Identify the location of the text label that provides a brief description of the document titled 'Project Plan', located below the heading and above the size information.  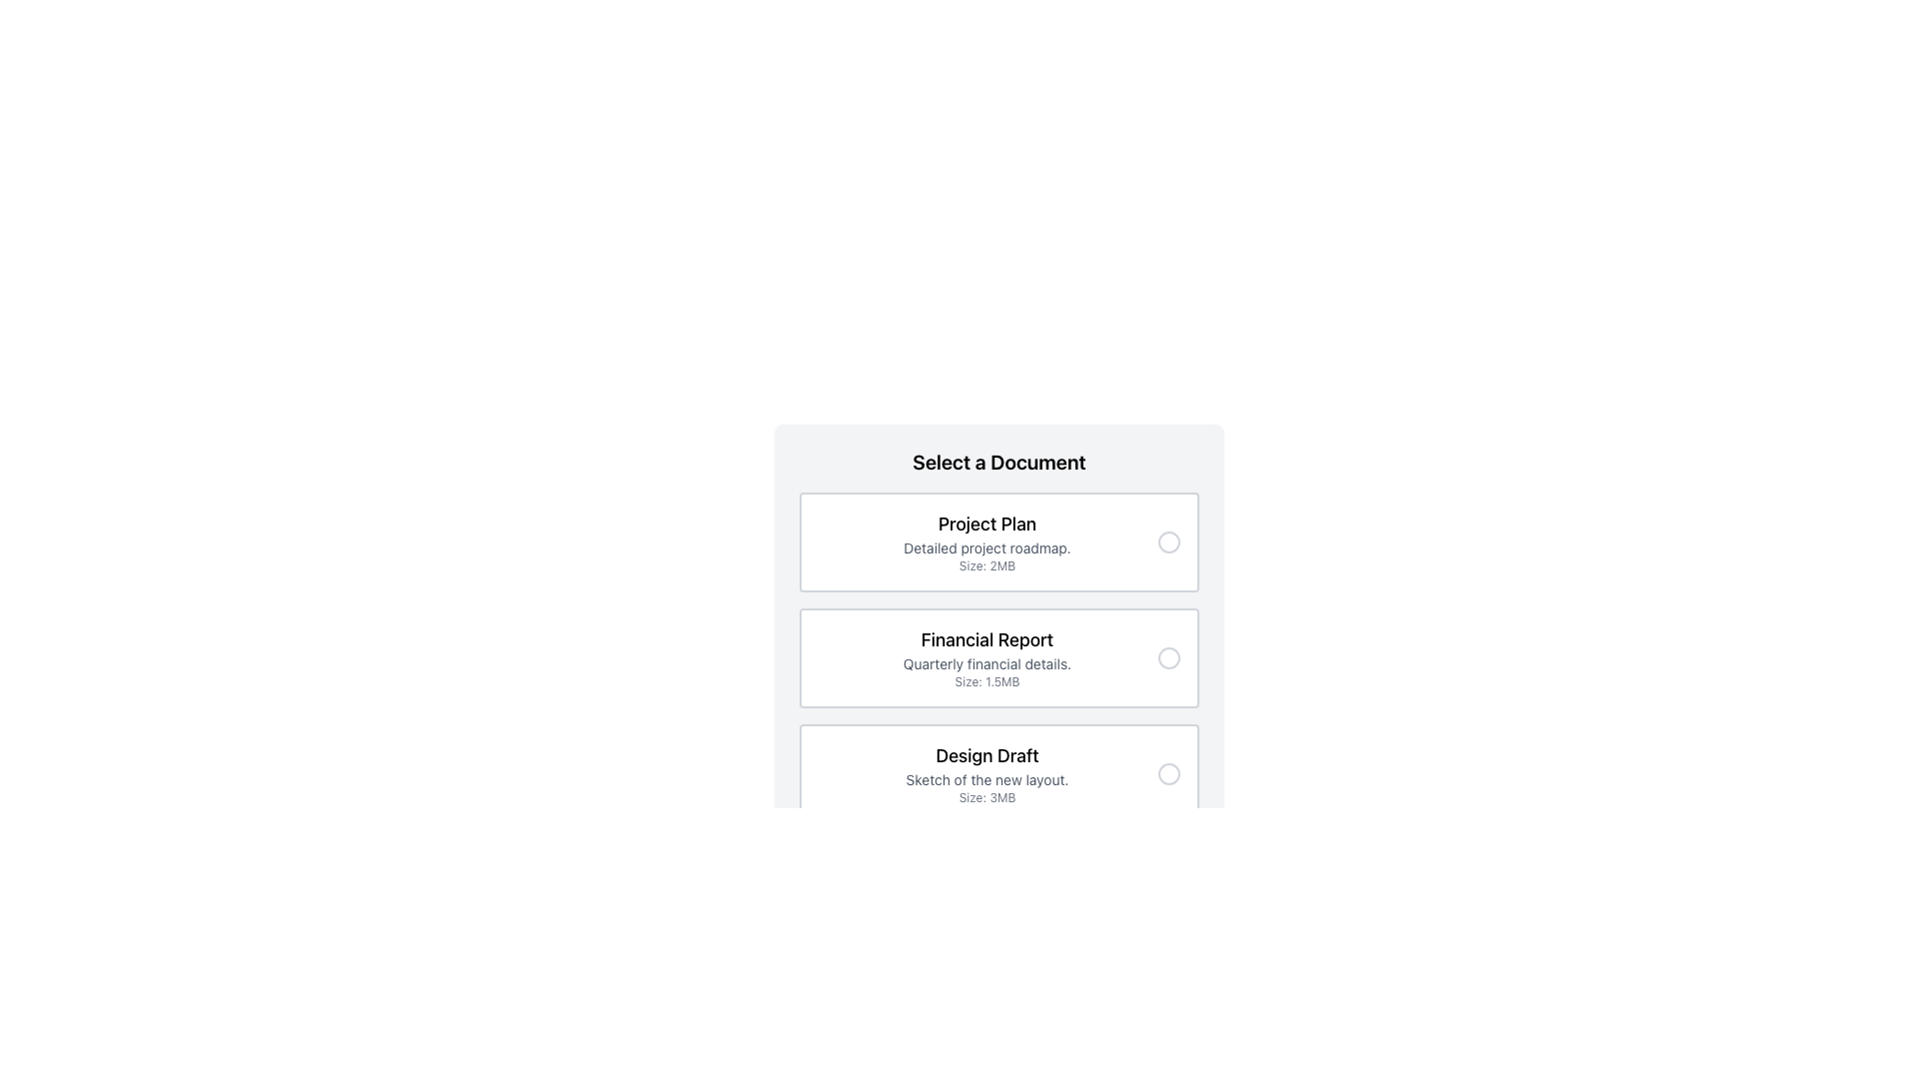
(987, 547).